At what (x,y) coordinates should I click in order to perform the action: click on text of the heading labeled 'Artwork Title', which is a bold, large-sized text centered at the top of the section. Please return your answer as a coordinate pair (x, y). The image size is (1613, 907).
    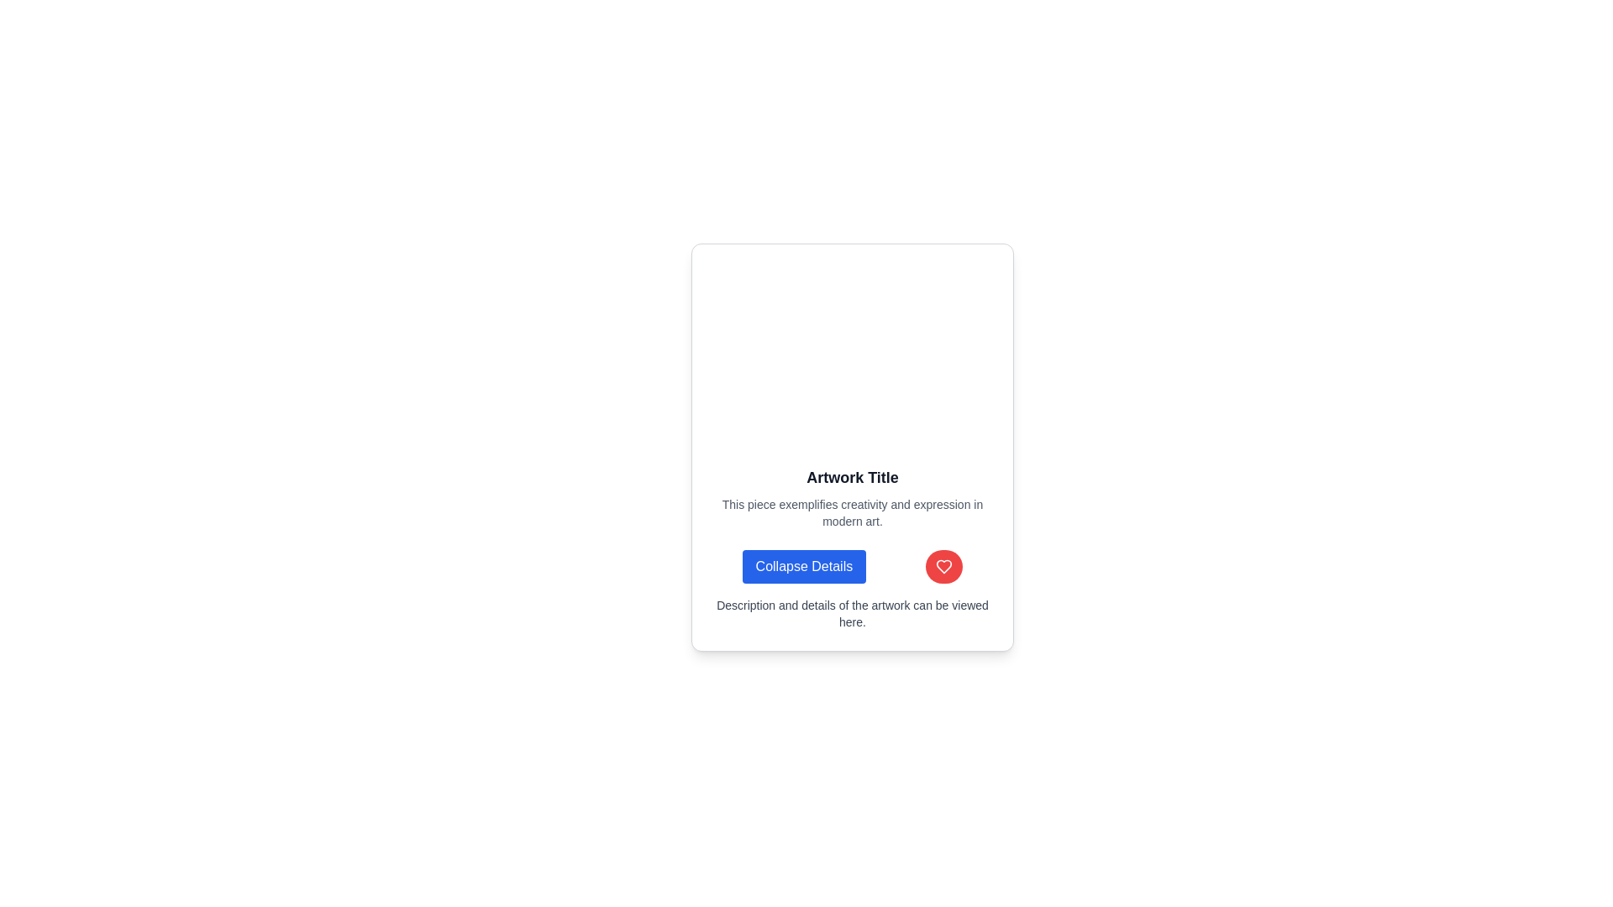
    Looking at the image, I should click on (852, 478).